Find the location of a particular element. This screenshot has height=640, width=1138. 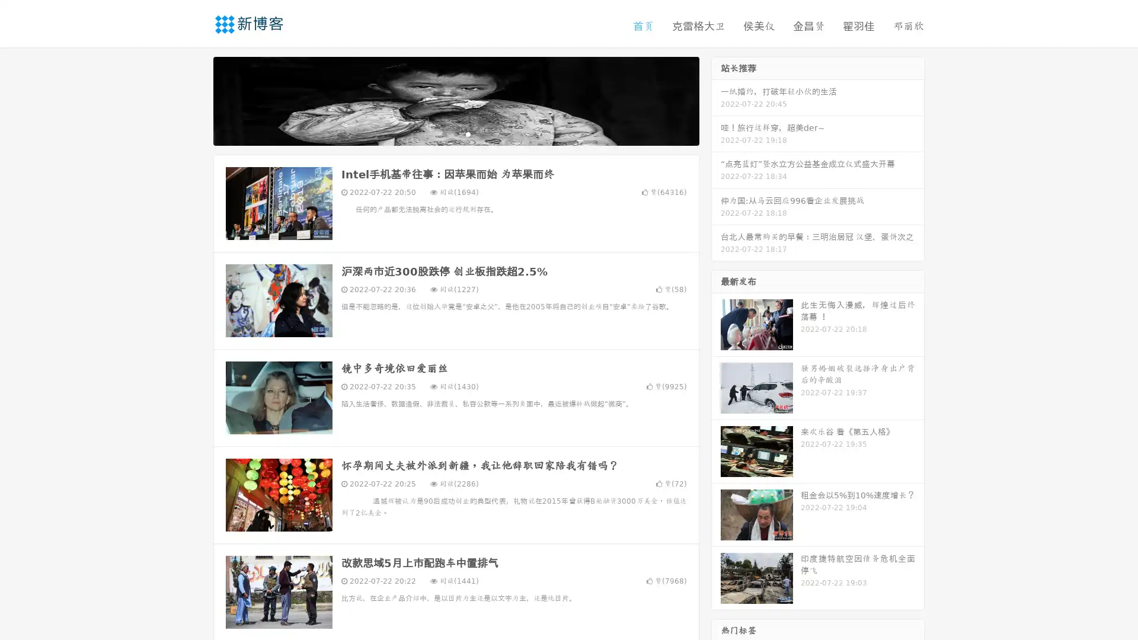

Previous slide is located at coordinates (196, 100).